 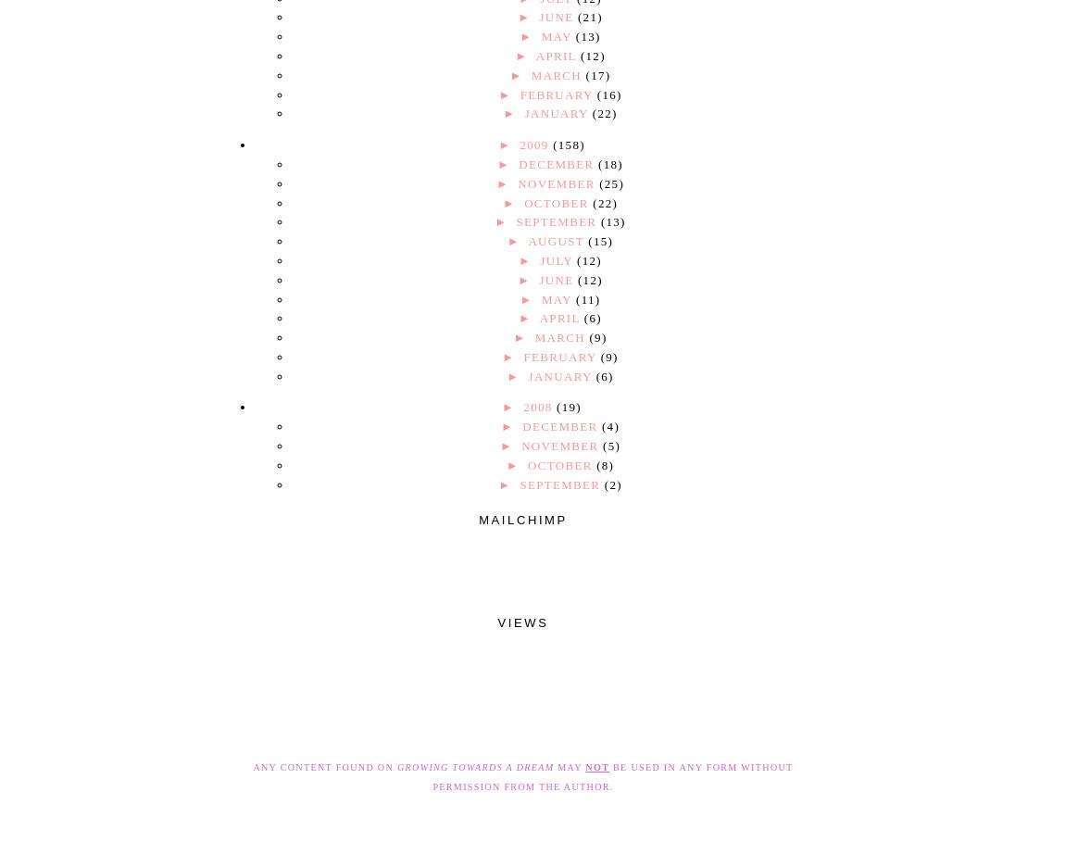 What do you see at coordinates (535, 144) in the screenshot?
I see `'2009'` at bounding box center [535, 144].